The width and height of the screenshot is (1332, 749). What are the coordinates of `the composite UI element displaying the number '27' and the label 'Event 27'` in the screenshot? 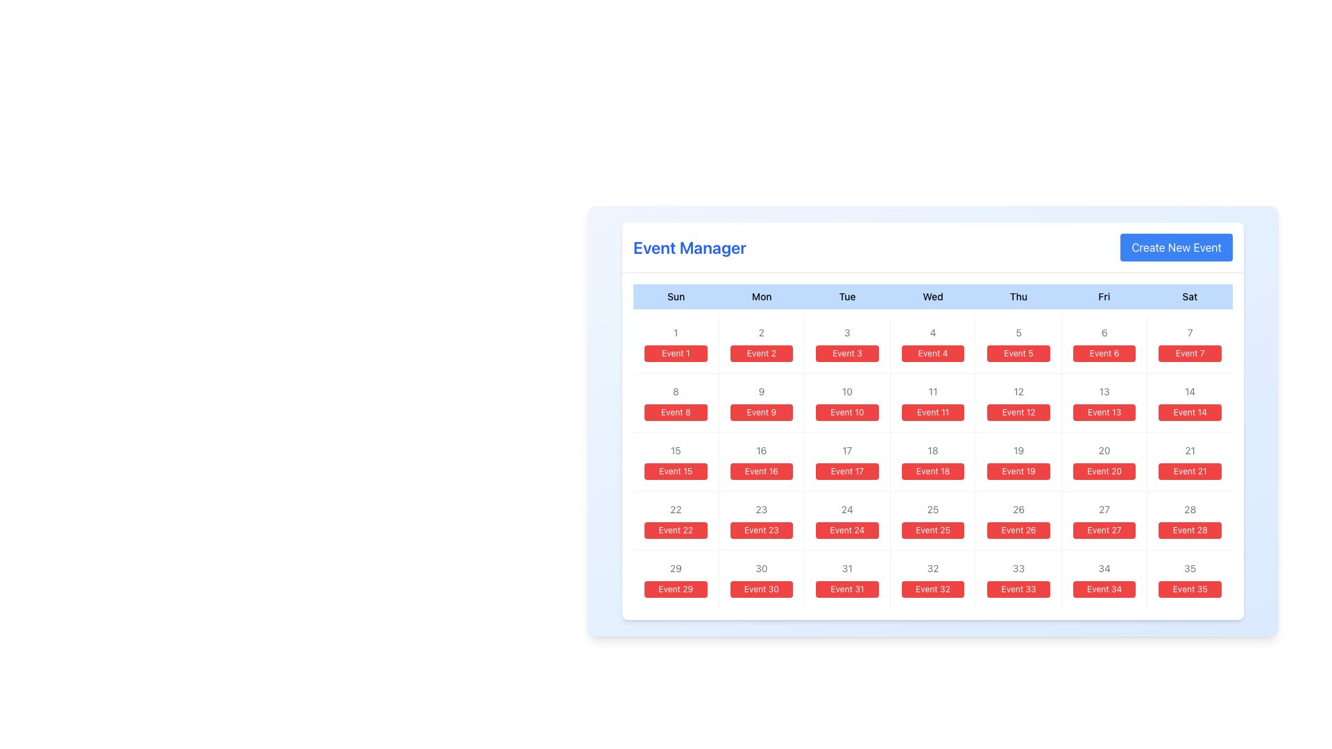 It's located at (1104, 521).